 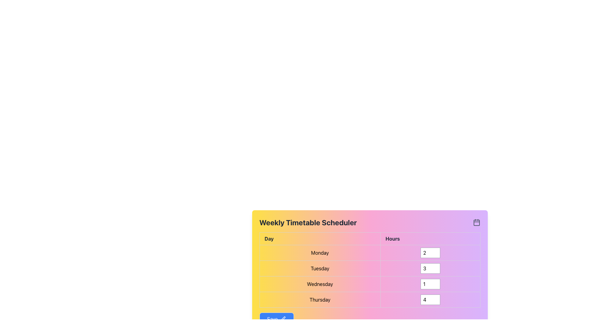 What do you see at coordinates (320, 253) in the screenshot?
I see `the static label marked 'Monday' in the first row of the 'Day' column of the table` at bounding box center [320, 253].